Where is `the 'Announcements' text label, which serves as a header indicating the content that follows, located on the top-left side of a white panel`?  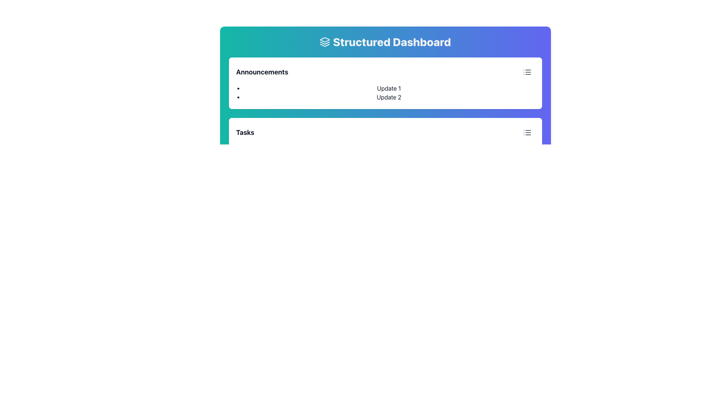
the 'Announcements' text label, which serves as a header indicating the content that follows, located on the top-left side of a white panel is located at coordinates (262, 72).